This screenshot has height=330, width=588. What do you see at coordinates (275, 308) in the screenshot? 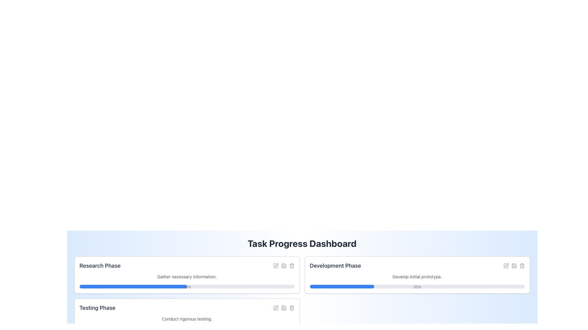
I see `the pen icon button located` at bounding box center [275, 308].